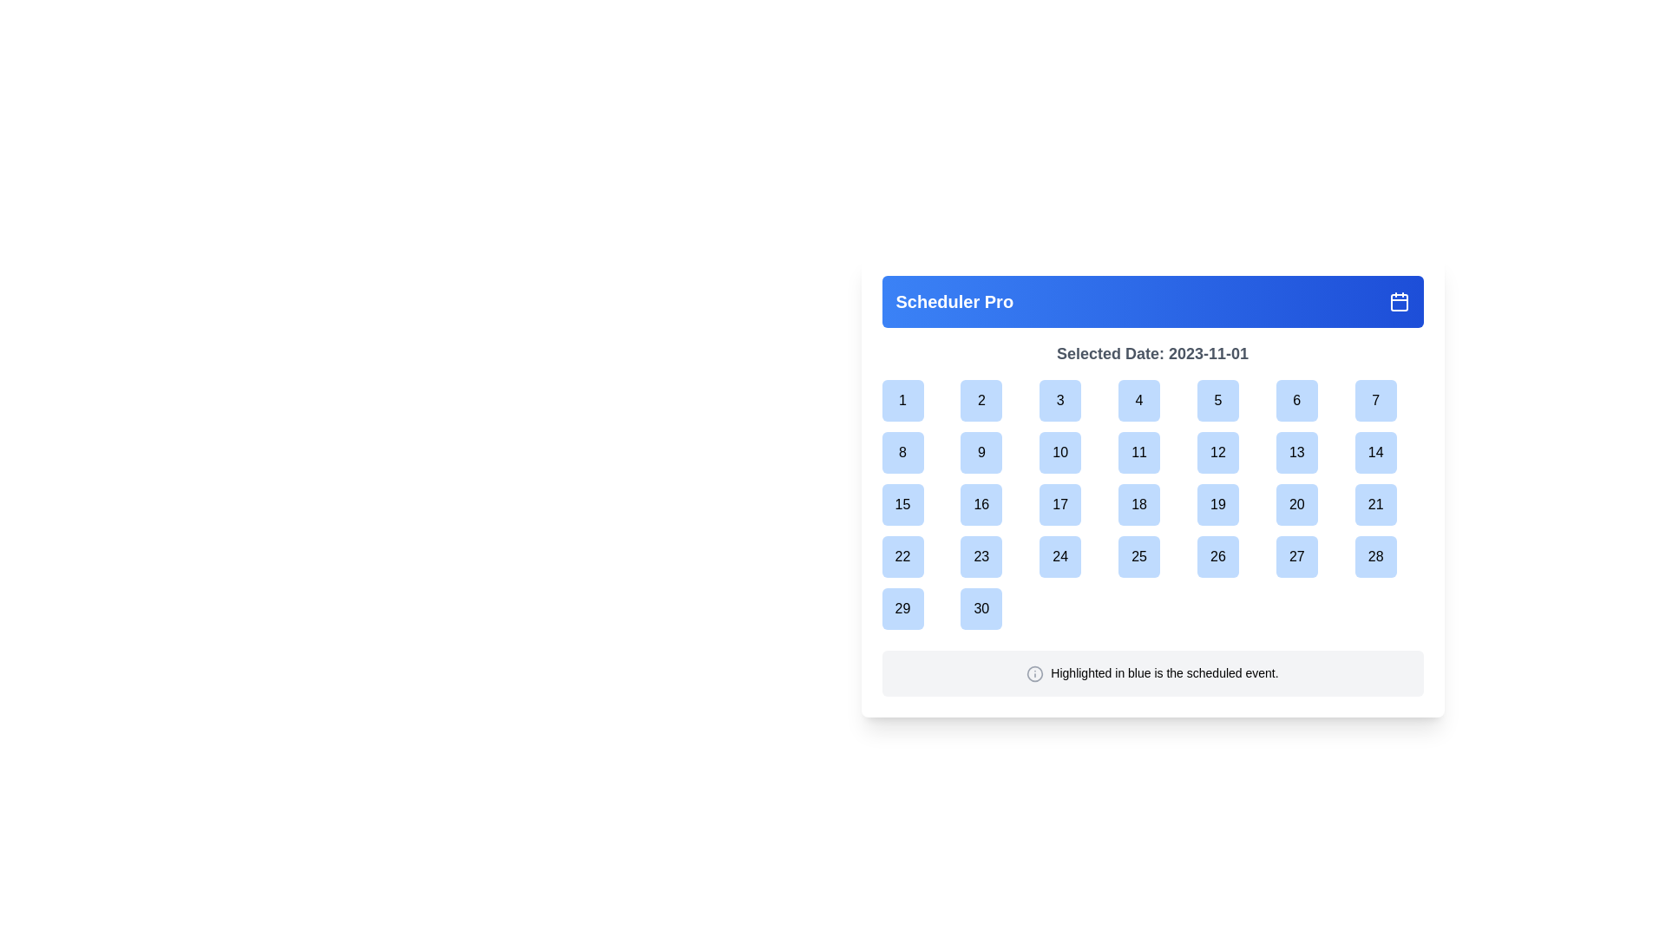 This screenshot has width=1666, height=937. Describe the element at coordinates (1230, 401) in the screenshot. I see `the Calendar Date Cell displaying the number '5'` at that location.